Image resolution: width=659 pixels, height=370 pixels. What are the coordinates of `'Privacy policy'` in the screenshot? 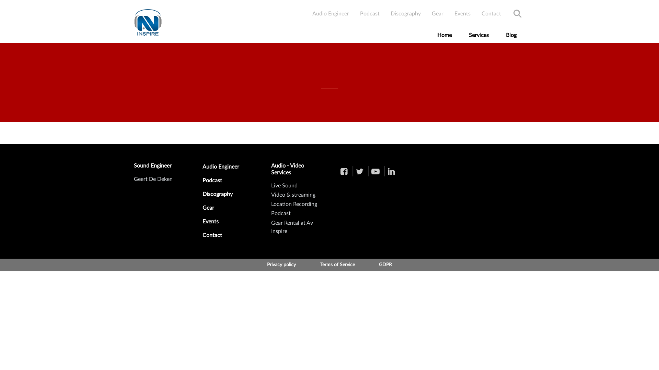 It's located at (255, 264).